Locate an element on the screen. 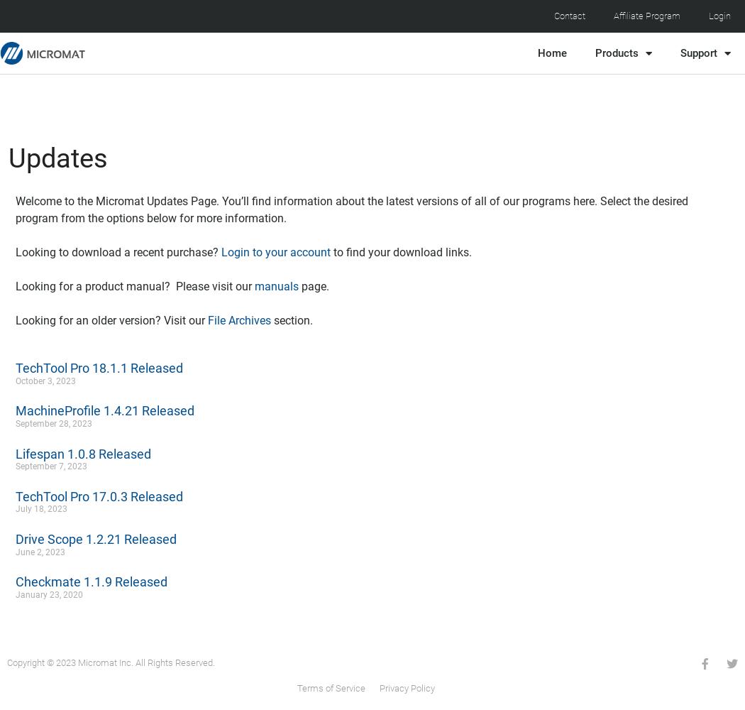 The height and width of the screenshot is (710, 745). 'Welcome to the Micromat Updates Page. You’ll find information about the latest versions of all of our programs here.' is located at coordinates (307, 201).